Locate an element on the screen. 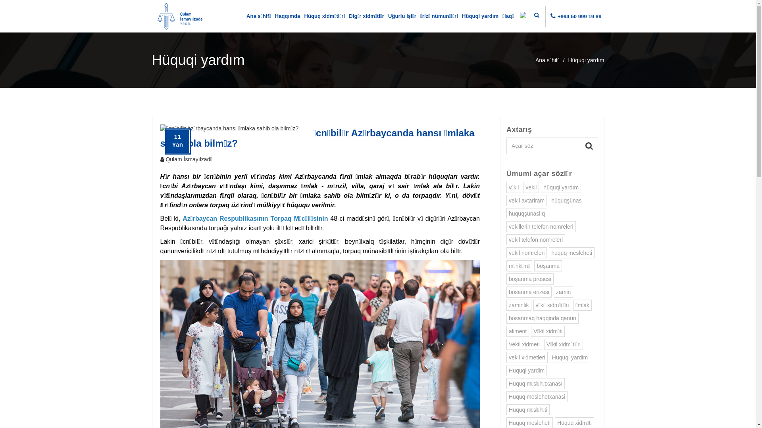 This screenshot has width=762, height=428. 'vekil' is located at coordinates (531, 187).